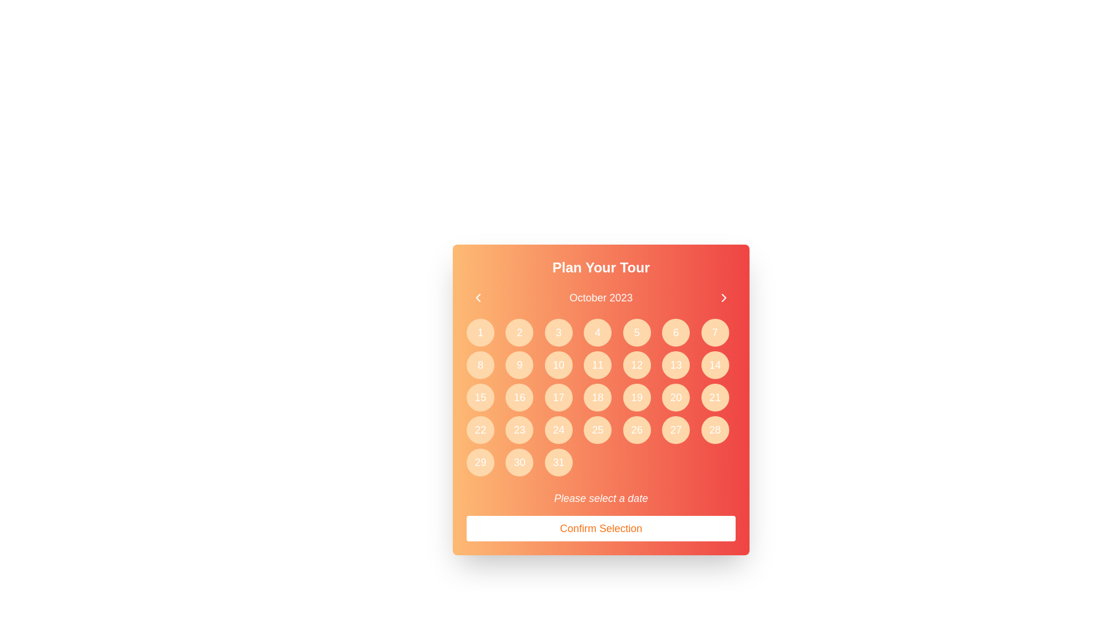 Image resolution: width=1113 pixels, height=626 pixels. What do you see at coordinates (558, 364) in the screenshot?
I see `the rounded interactive button displaying the number '10' in white font on an orange background, located in the second row and third column of the grid` at bounding box center [558, 364].